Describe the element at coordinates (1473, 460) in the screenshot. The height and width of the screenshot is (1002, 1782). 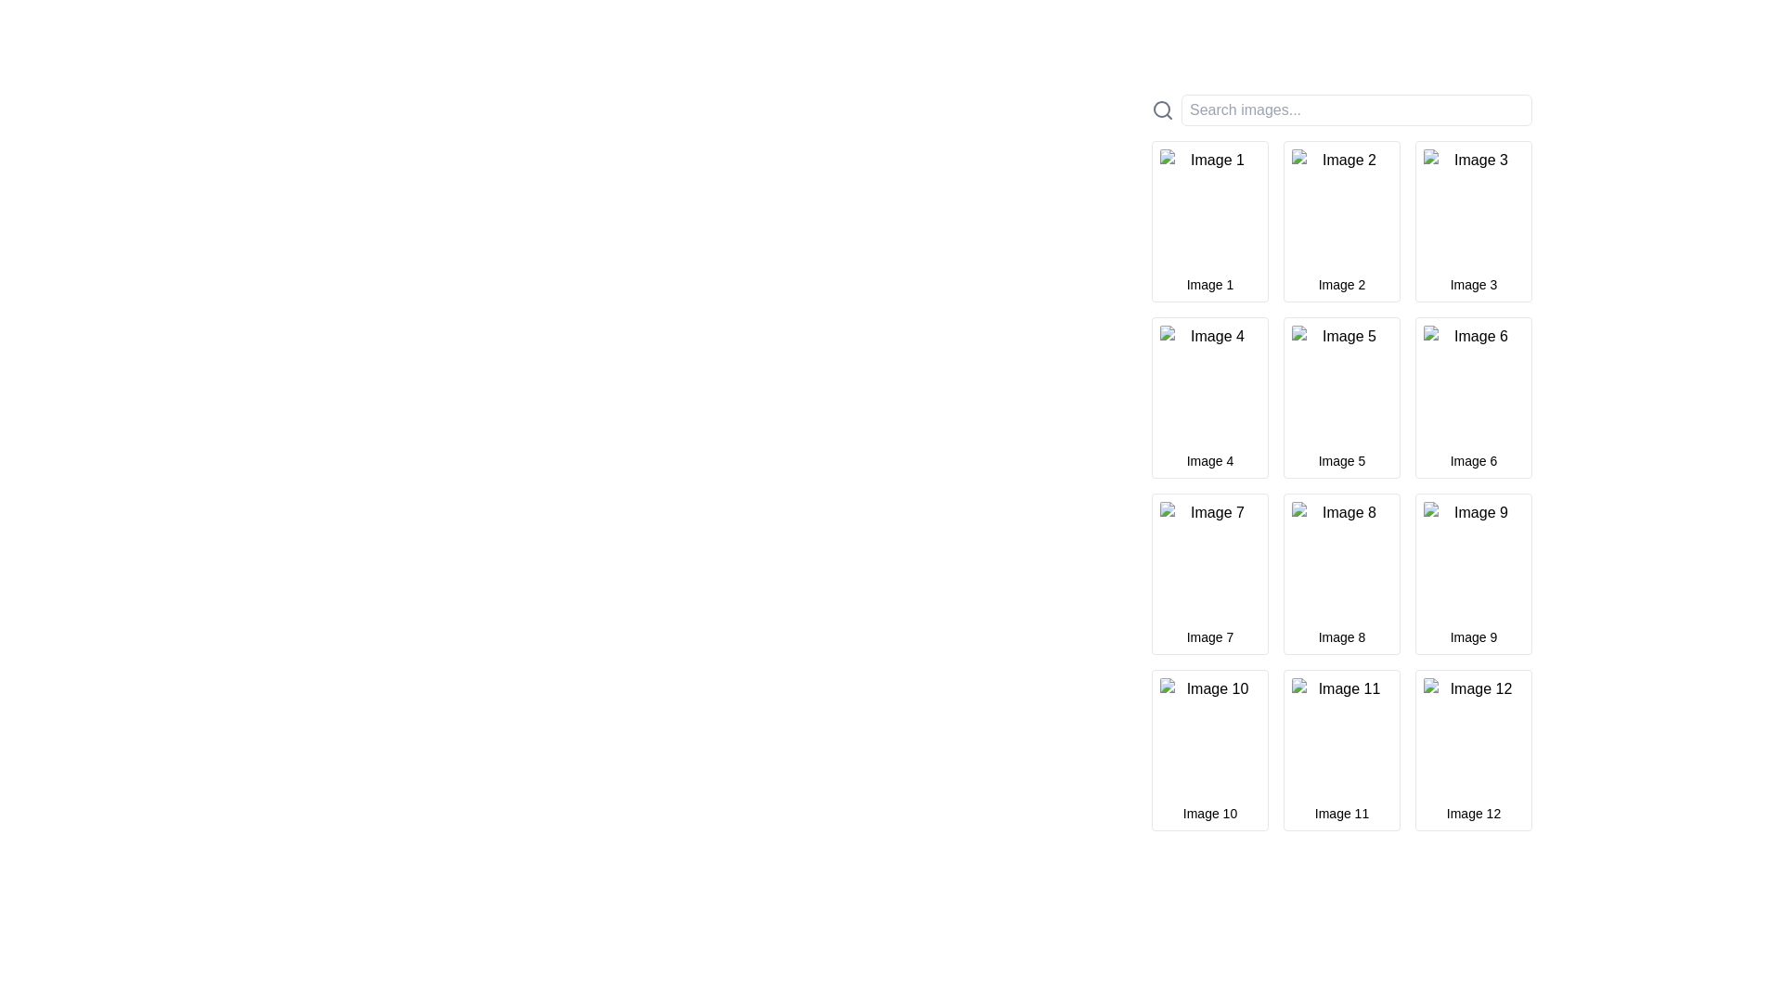
I see `the Text label located below the thumbnail image labeled 'Image 6' in the sixth column of the grid` at that location.